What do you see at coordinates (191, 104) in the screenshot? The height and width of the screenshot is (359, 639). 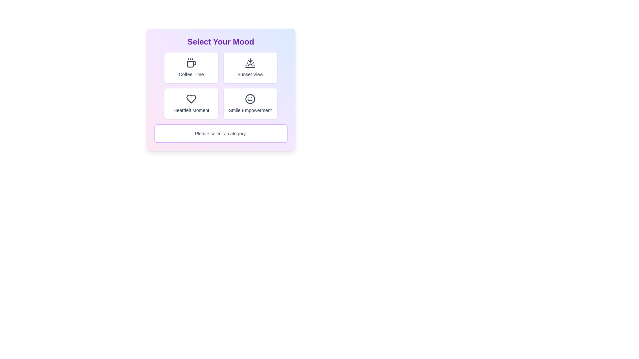 I see `the 'Heartfelt Moment' button` at bounding box center [191, 104].